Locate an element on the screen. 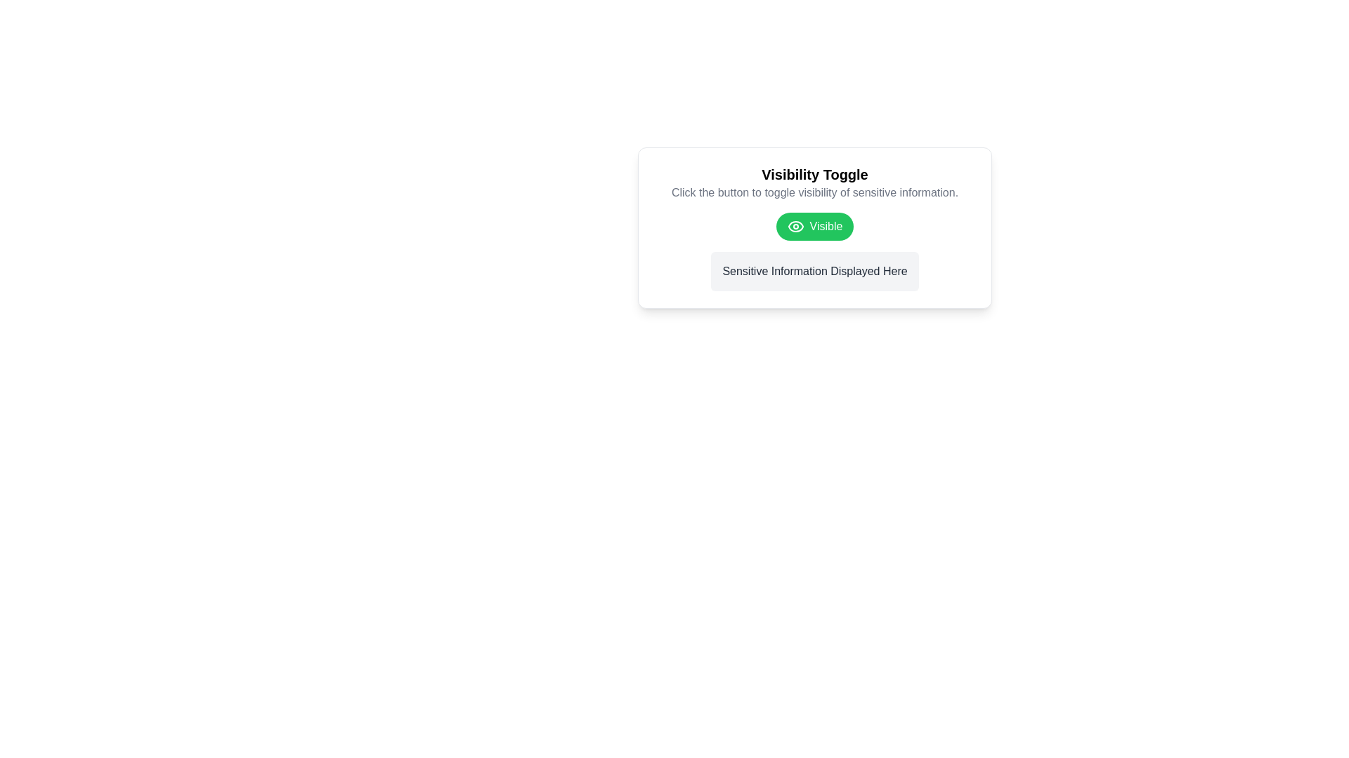  the 'Visible' button to toggle the visibility of sensitive information is located at coordinates (815, 226).